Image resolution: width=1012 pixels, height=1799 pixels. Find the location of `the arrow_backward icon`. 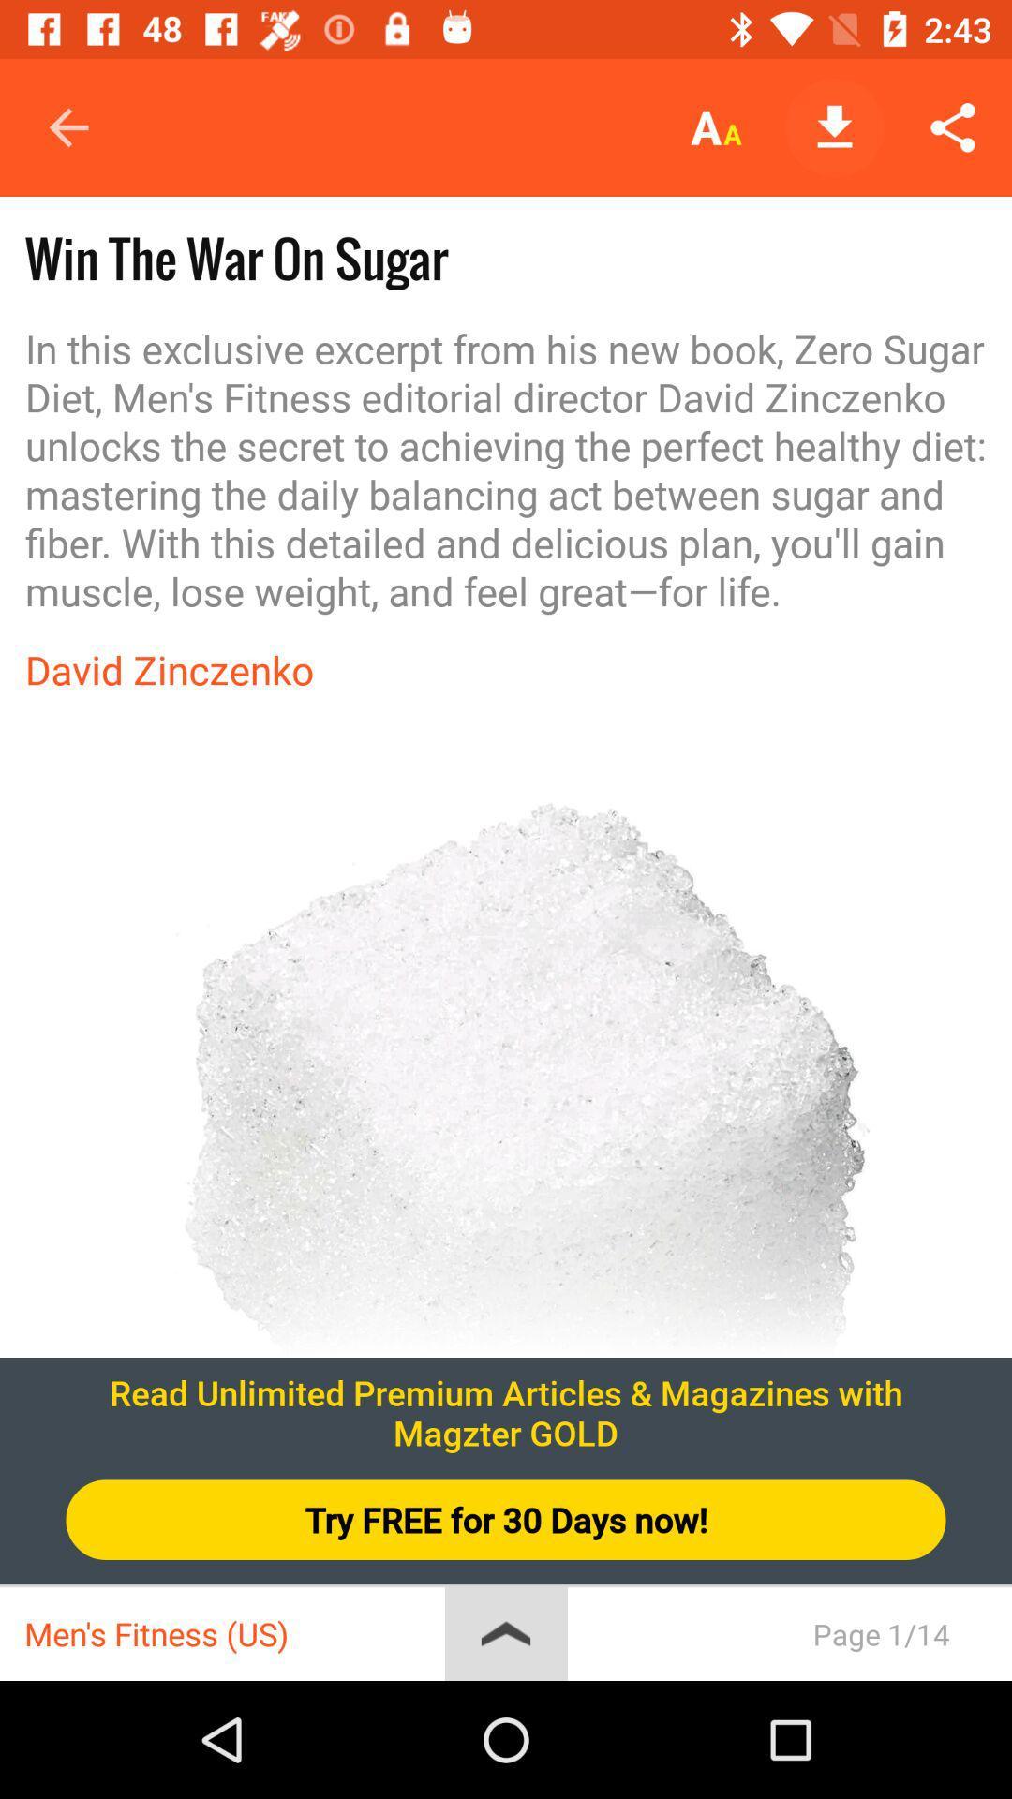

the arrow_backward icon is located at coordinates (52, 137).